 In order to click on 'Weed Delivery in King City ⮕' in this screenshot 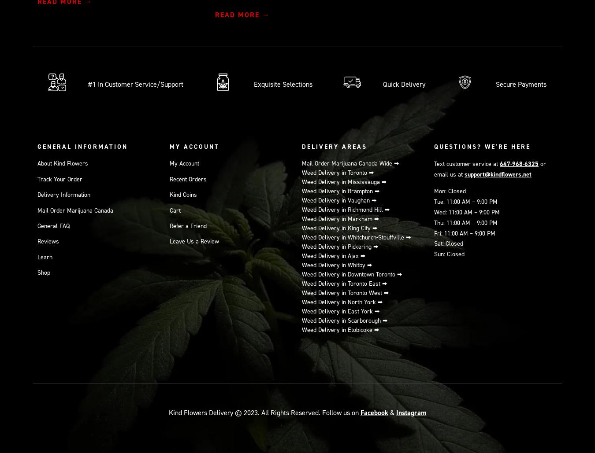, I will do `click(339, 228)`.